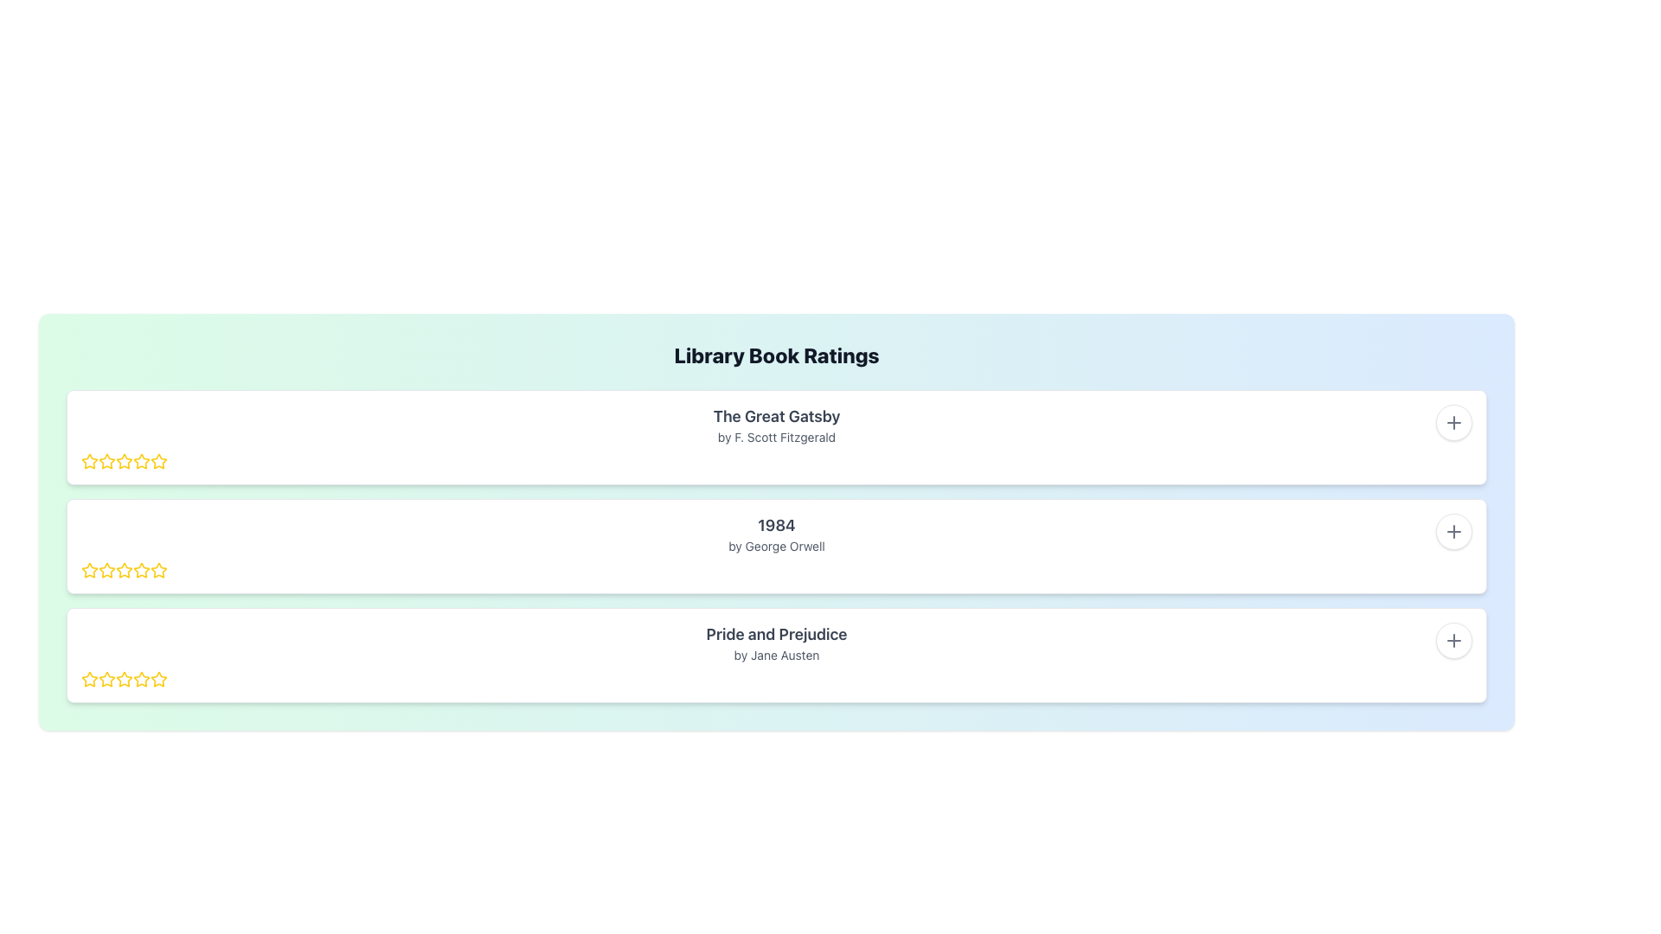  Describe the element at coordinates (106, 678) in the screenshot. I see `the first star icon in the rating system for the book 'Pride and Prejudice' to provide feedback` at that location.